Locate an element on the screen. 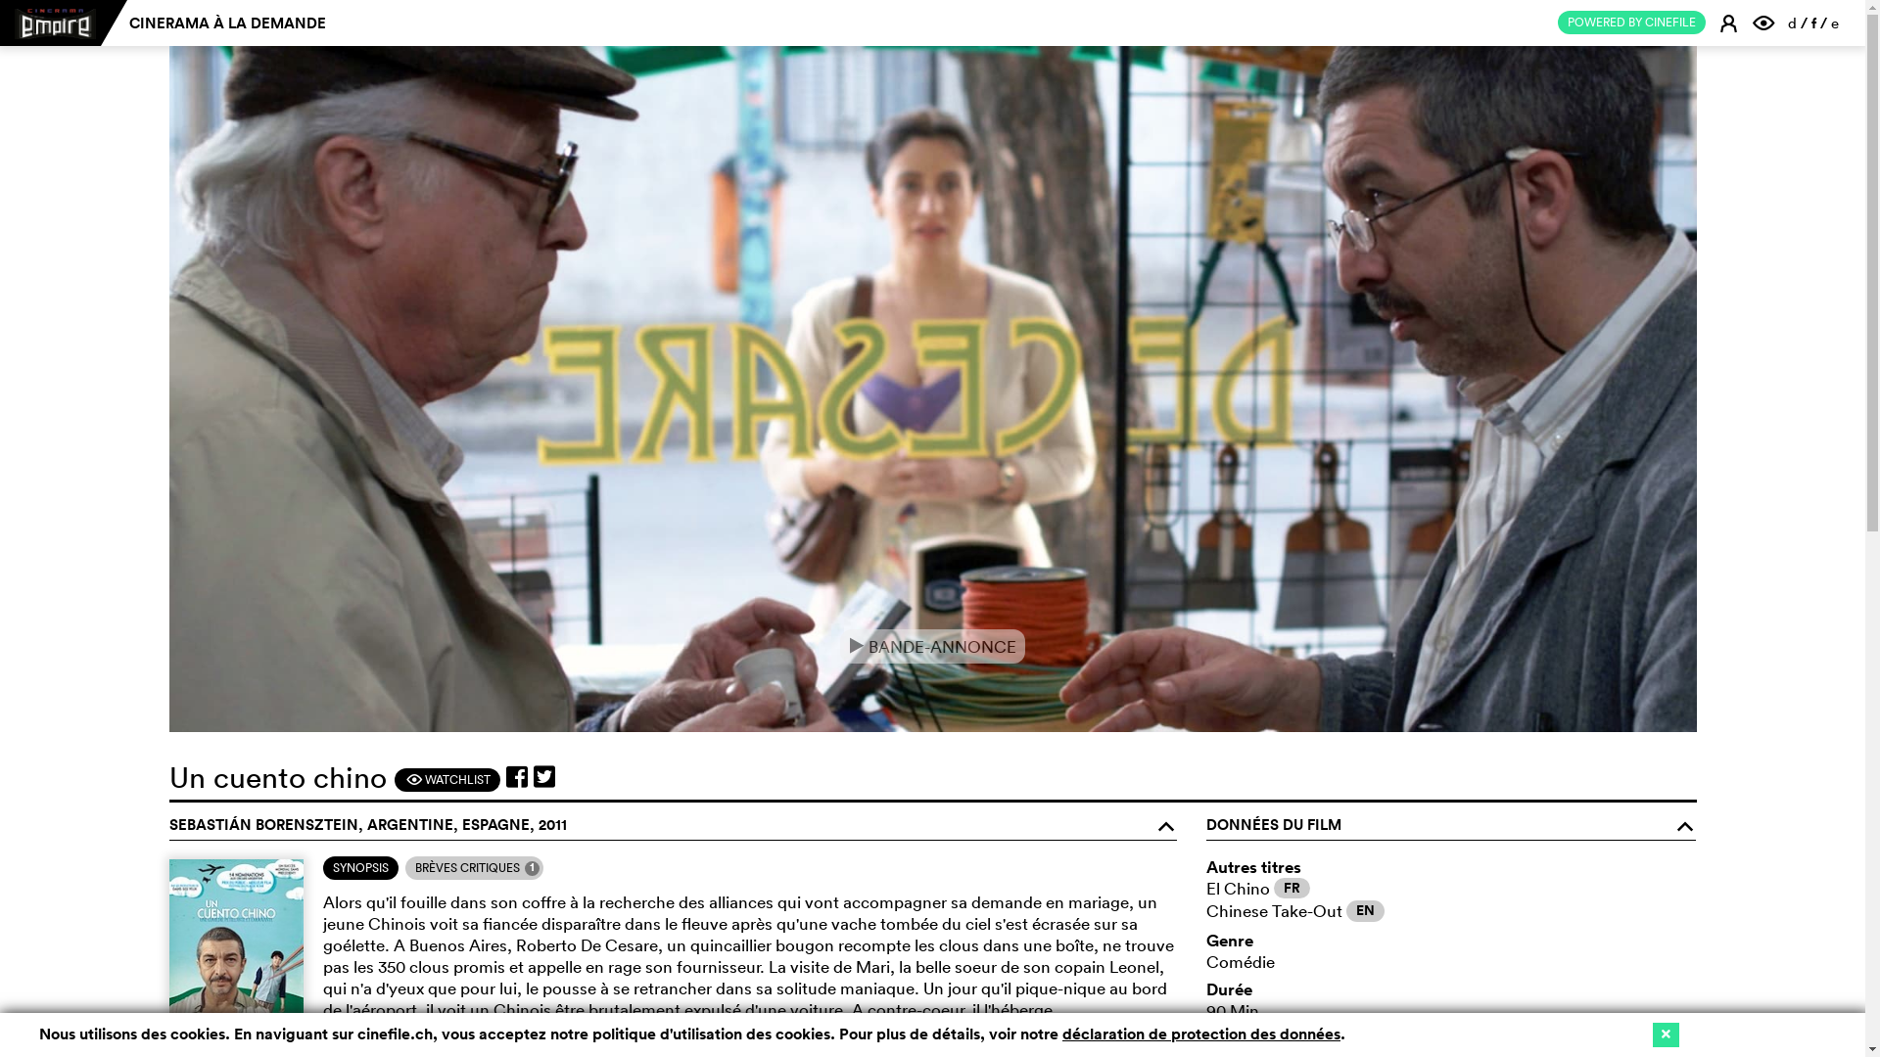  'd' is located at coordinates (1792, 23).